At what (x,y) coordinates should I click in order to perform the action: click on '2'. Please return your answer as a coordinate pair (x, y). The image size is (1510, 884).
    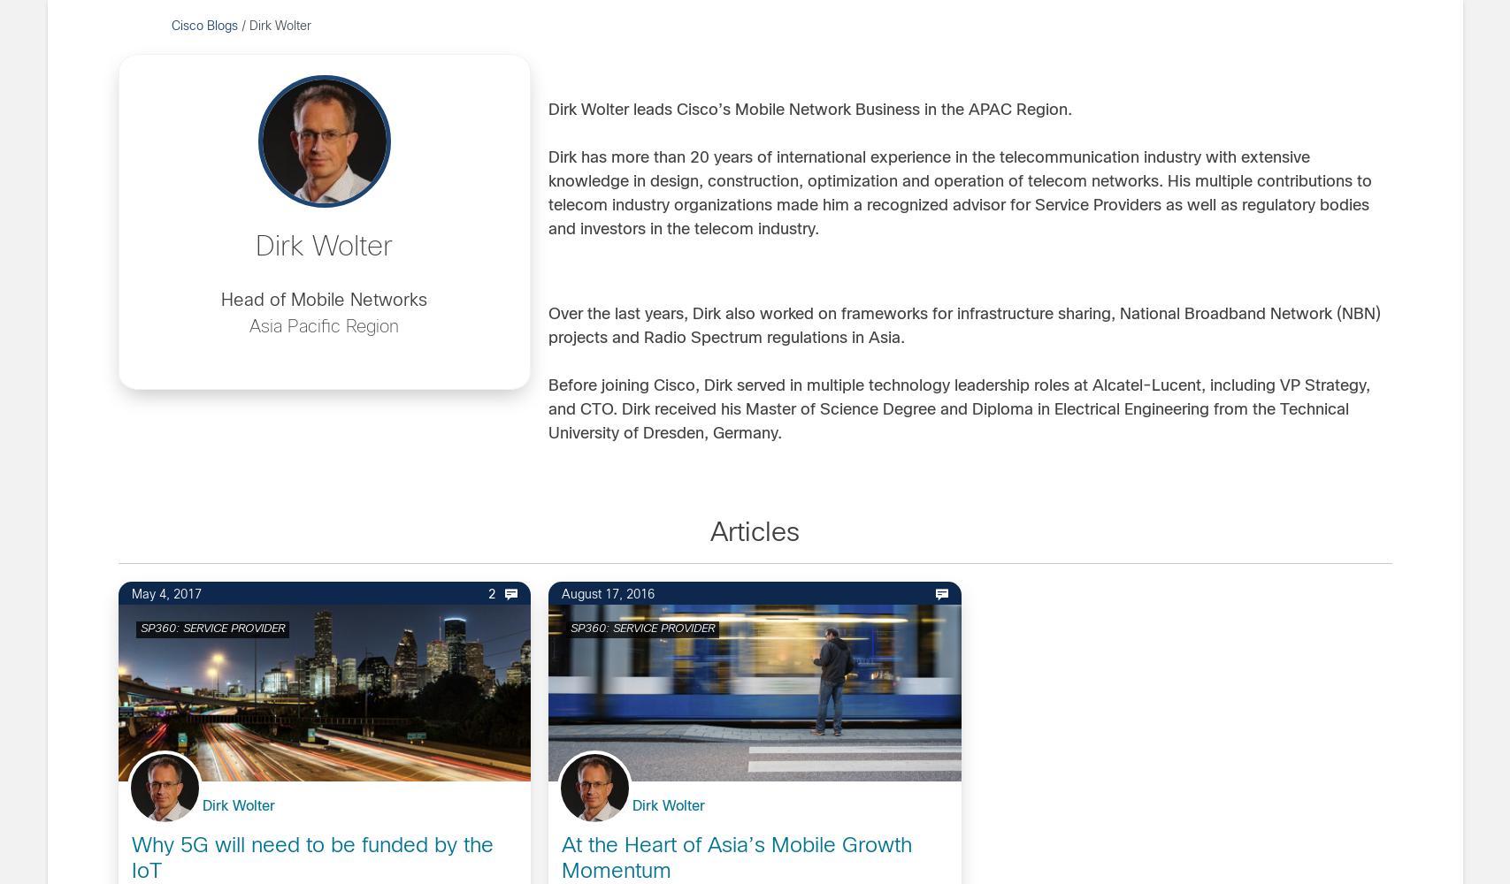
    Looking at the image, I should click on (491, 595).